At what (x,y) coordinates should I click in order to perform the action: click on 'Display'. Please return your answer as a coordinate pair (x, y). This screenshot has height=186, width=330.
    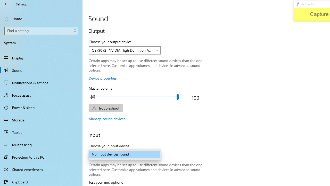
    Looking at the image, I should click on (41, 58).